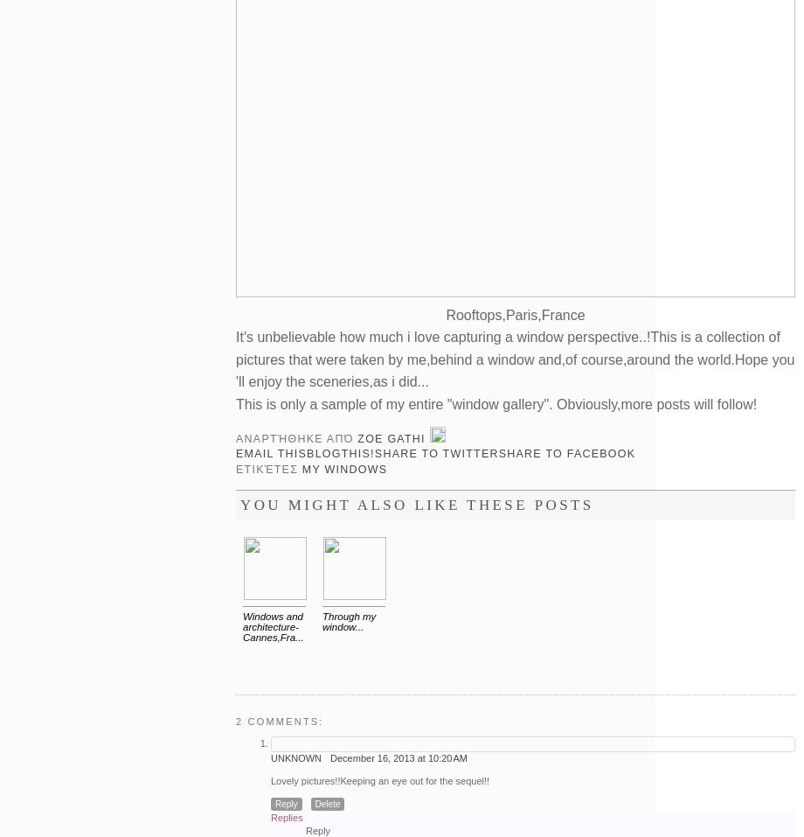  What do you see at coordinates (326, 804) in the screenshot?
I see `'Delete'` at bounding box center [326, 804].